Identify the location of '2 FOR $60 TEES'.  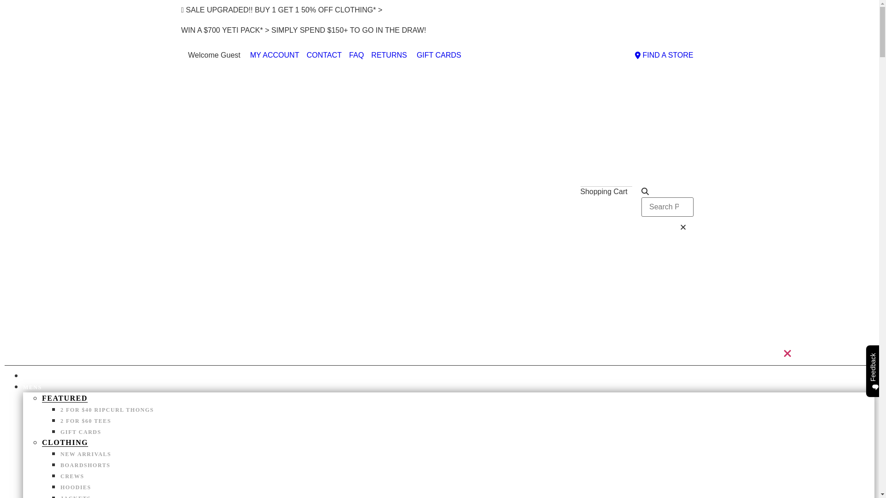
(86, 421).